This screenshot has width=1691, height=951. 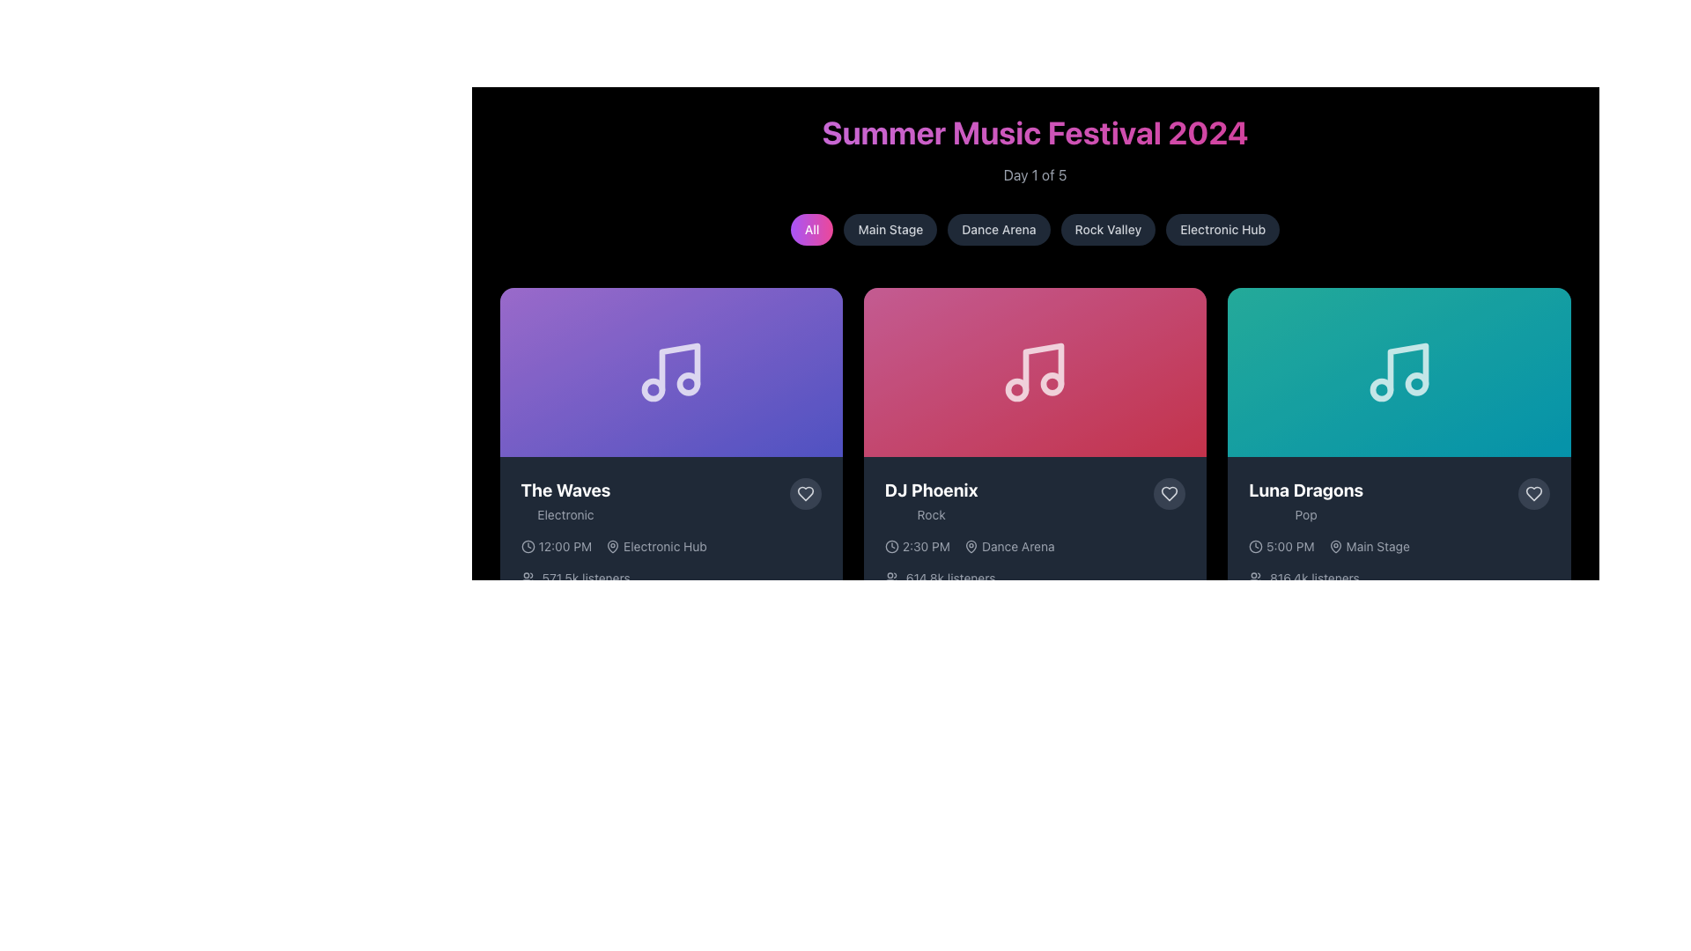 What do you see at coordinates (670, 578) in the screenshot?
I see `the text with icon display showing '571.5k listeners' which is positioned at the bottom of the panel for the music event titled 'The Waves'` at bounding box center [670, 578].